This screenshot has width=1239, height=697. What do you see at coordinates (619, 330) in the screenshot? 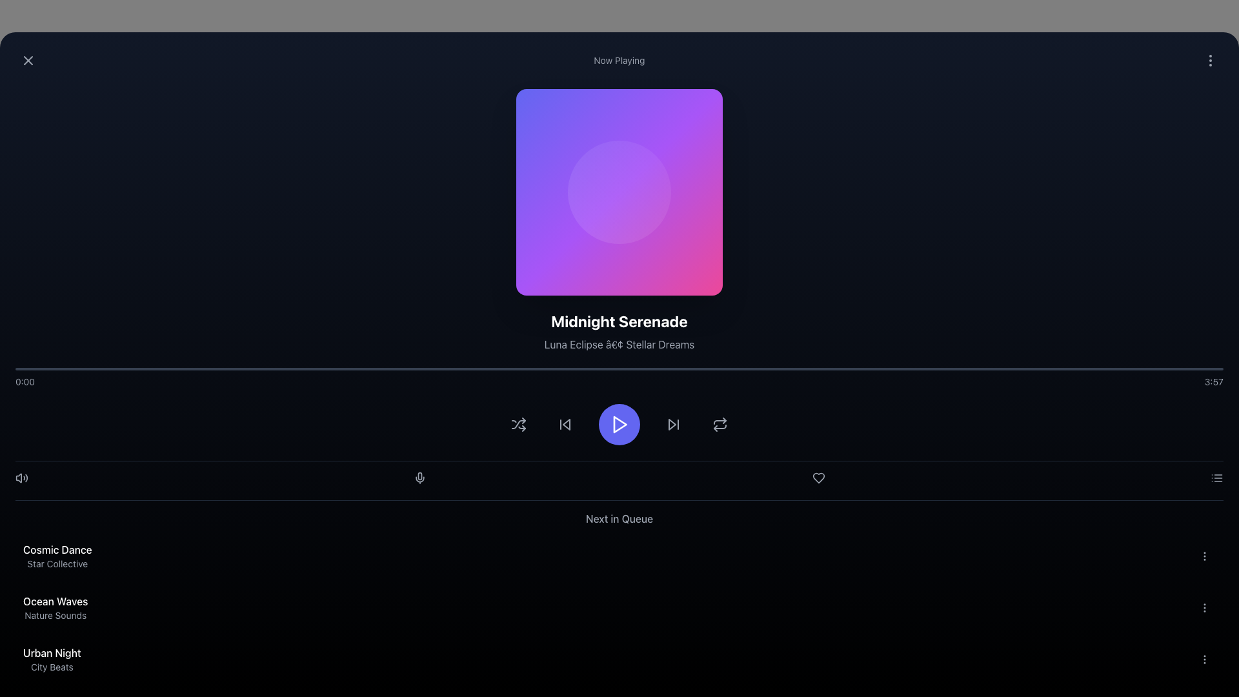
I see `the text element displaying the headline 'Midnight Serenade' and the subtext 'Luna Eclipse • Stellar Dreams', which is centrally aligned beneath a graphic display area` at bounding box center [619, 330].